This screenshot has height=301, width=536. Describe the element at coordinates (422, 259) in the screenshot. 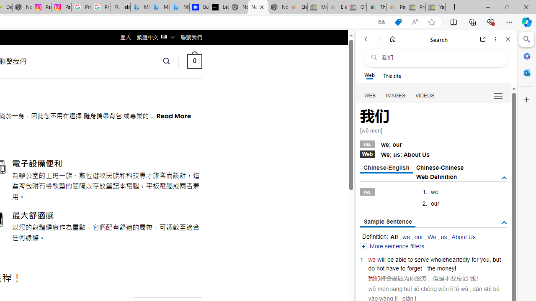

I see `'serve'` at that location.